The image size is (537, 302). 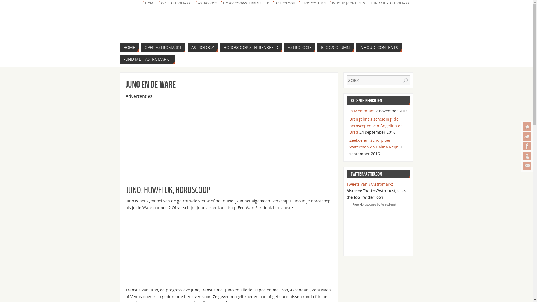 What do you see at coordinates (374, 204) in the screenshot?
I see `'Free Horoscopes by Astrodienst'` at bounding box center [374, 204].